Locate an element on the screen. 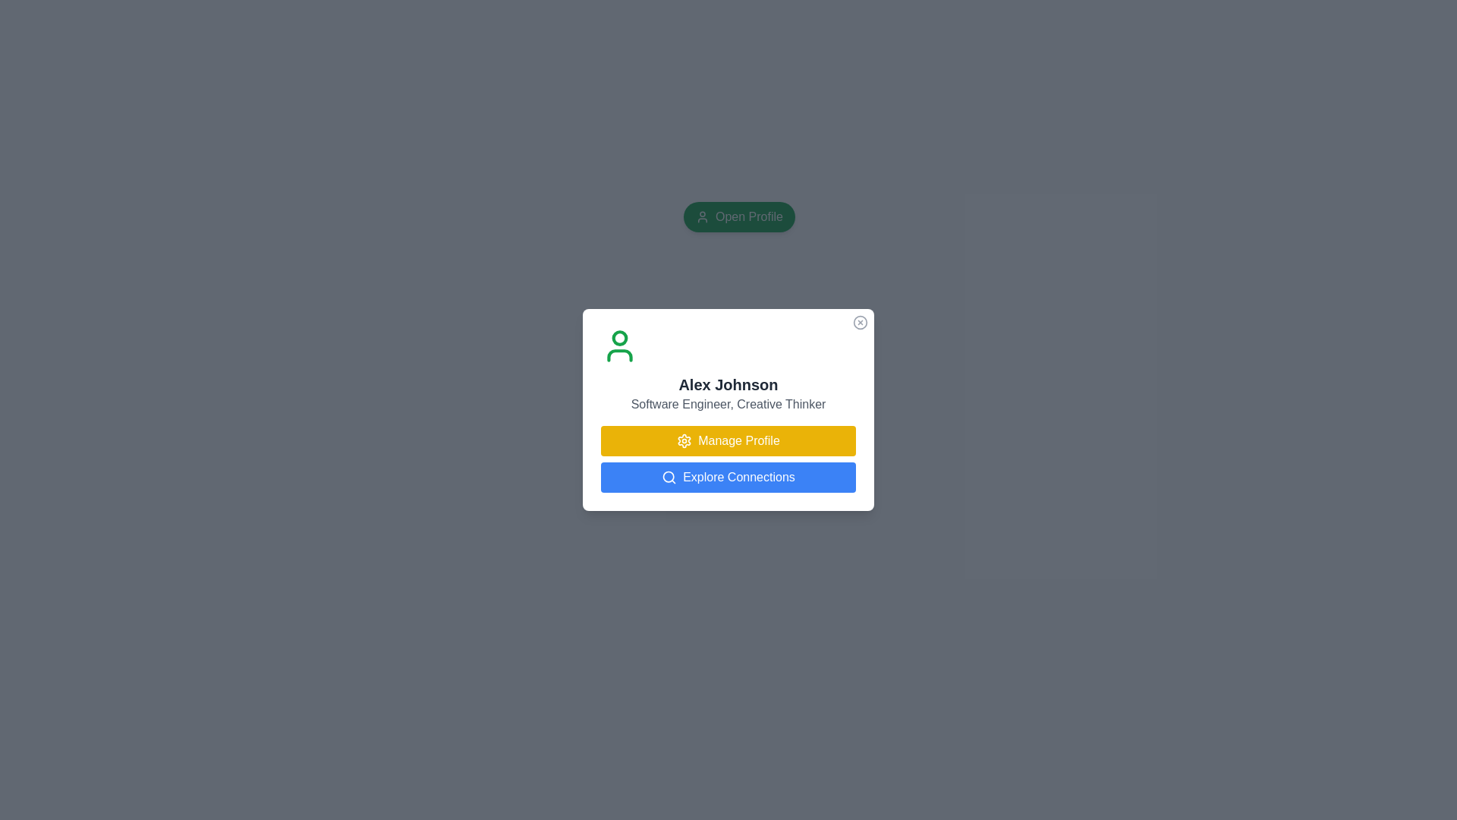 The width and height of the screenshot is (1457, 820). the profile settings button located at the top of the 'Explore Connections' blue button is located at coordinates (728, 441).